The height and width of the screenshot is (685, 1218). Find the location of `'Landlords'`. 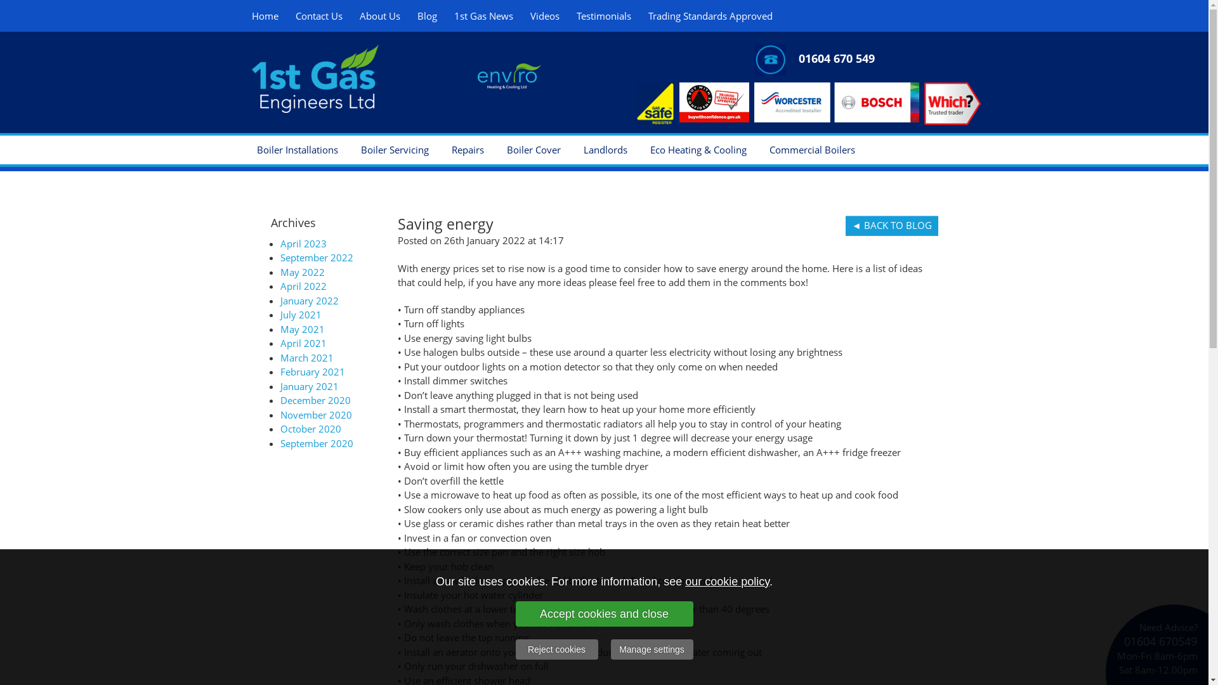

'Landlords' is located at coordinates (572, 148).